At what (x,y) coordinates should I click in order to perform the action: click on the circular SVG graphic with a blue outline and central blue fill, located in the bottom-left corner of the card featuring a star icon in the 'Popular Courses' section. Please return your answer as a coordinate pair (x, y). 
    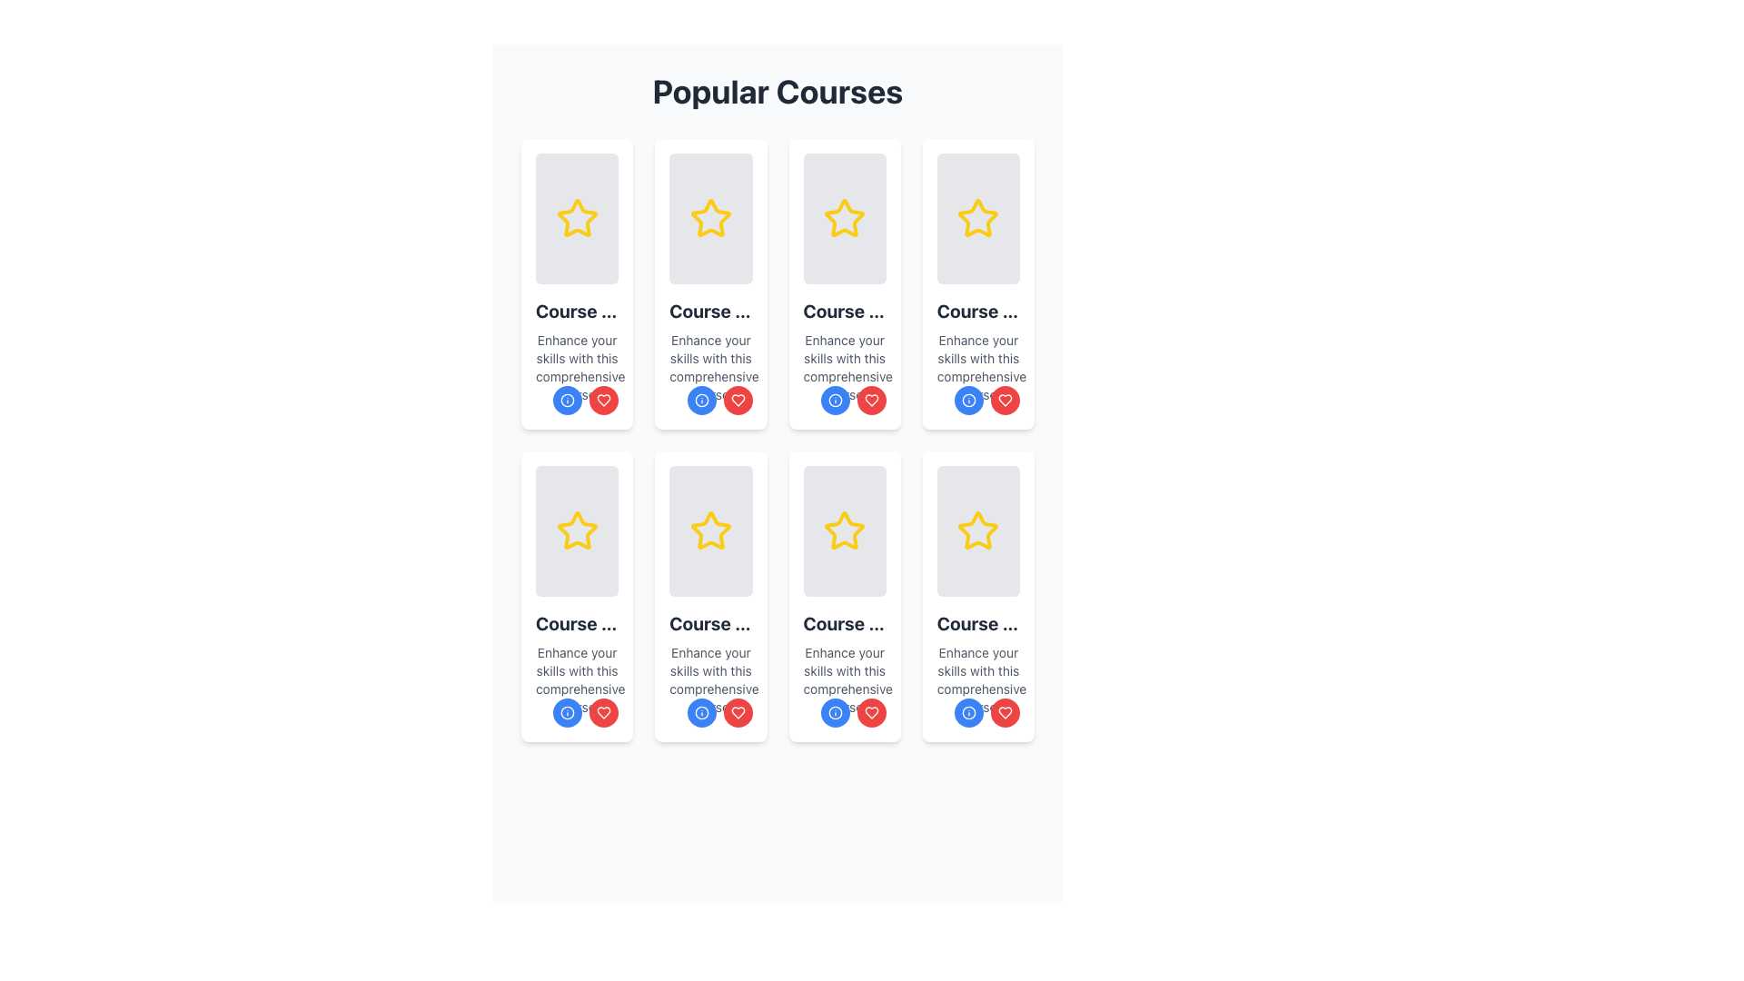
    Looking at the image, I should click on (700, 399).